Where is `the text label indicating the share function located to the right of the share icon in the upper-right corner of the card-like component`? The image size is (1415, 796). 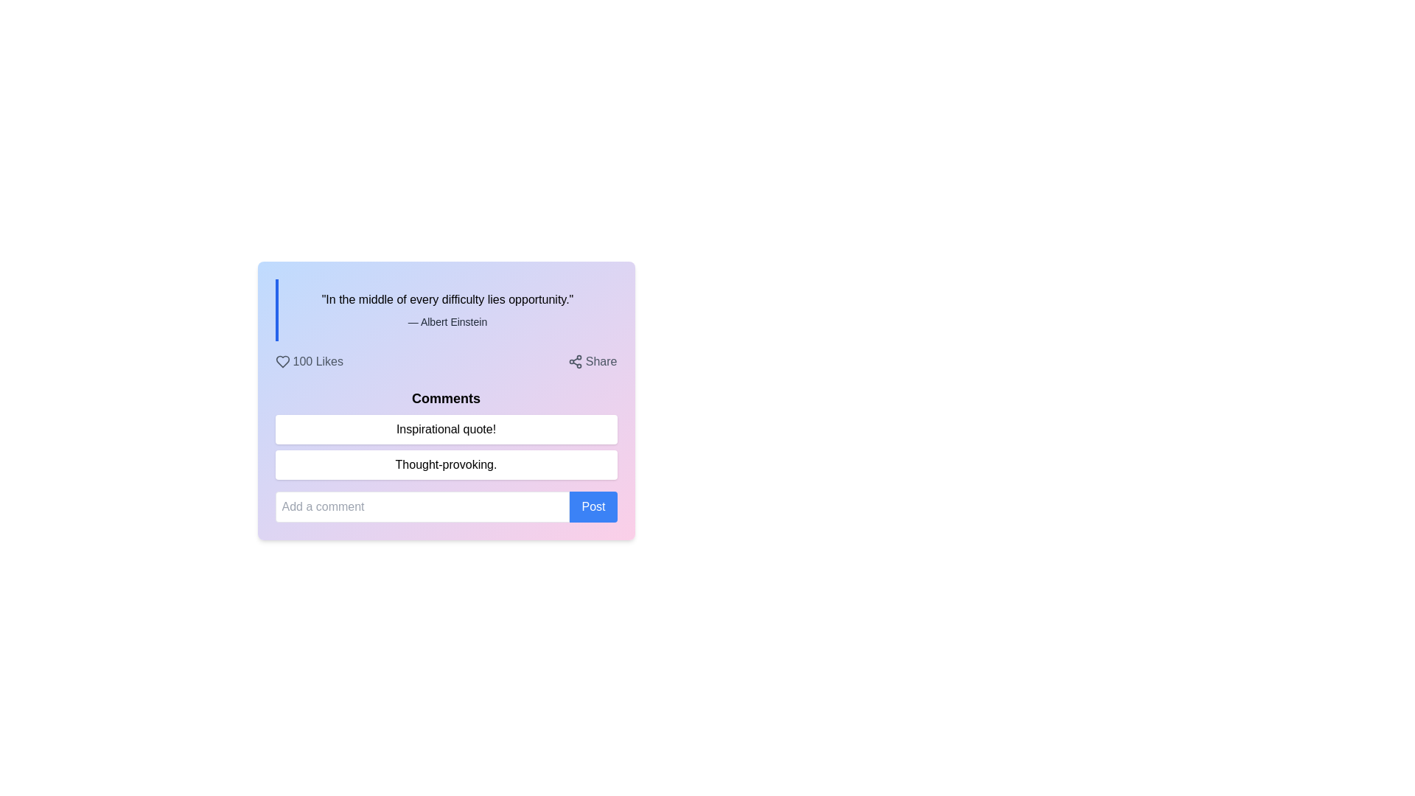
the text label indicating the share function located to the right of the share icon in the upper-right corner of the card-like component is located at coordinates (601, 361).